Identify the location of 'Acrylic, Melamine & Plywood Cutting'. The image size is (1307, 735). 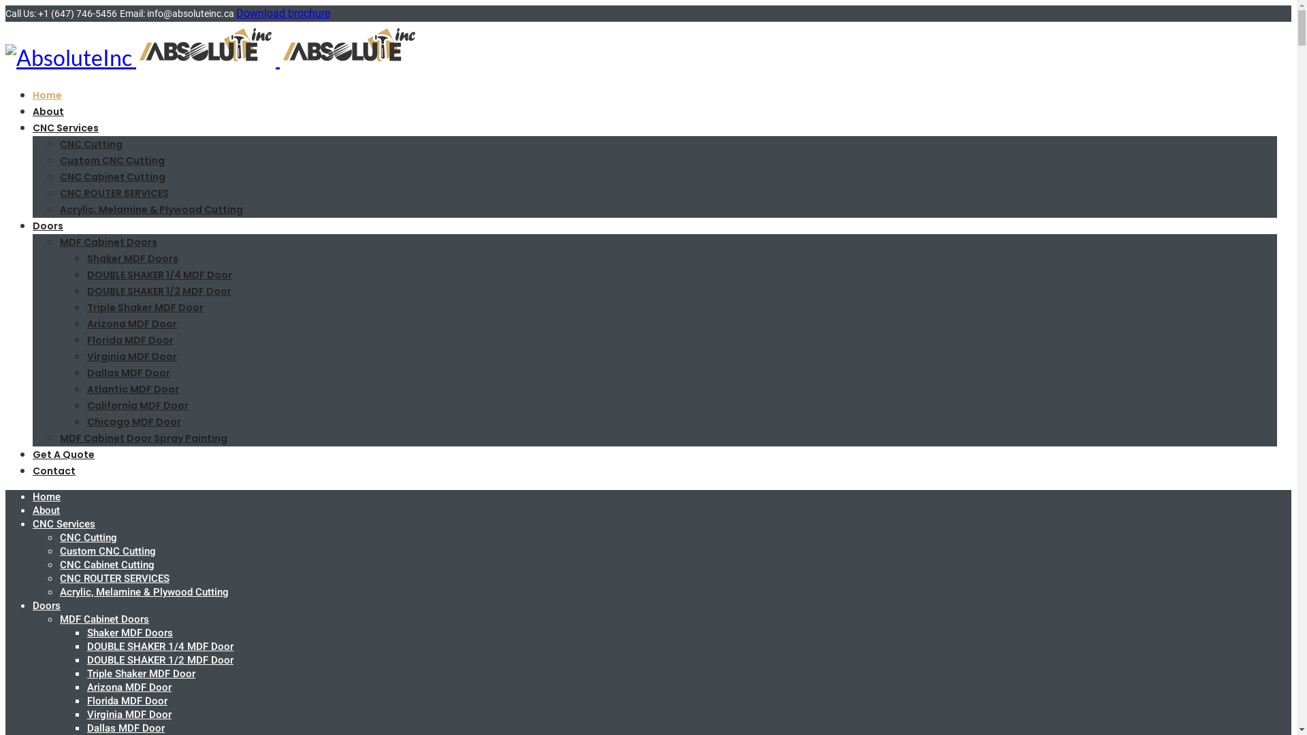
(144, 591).